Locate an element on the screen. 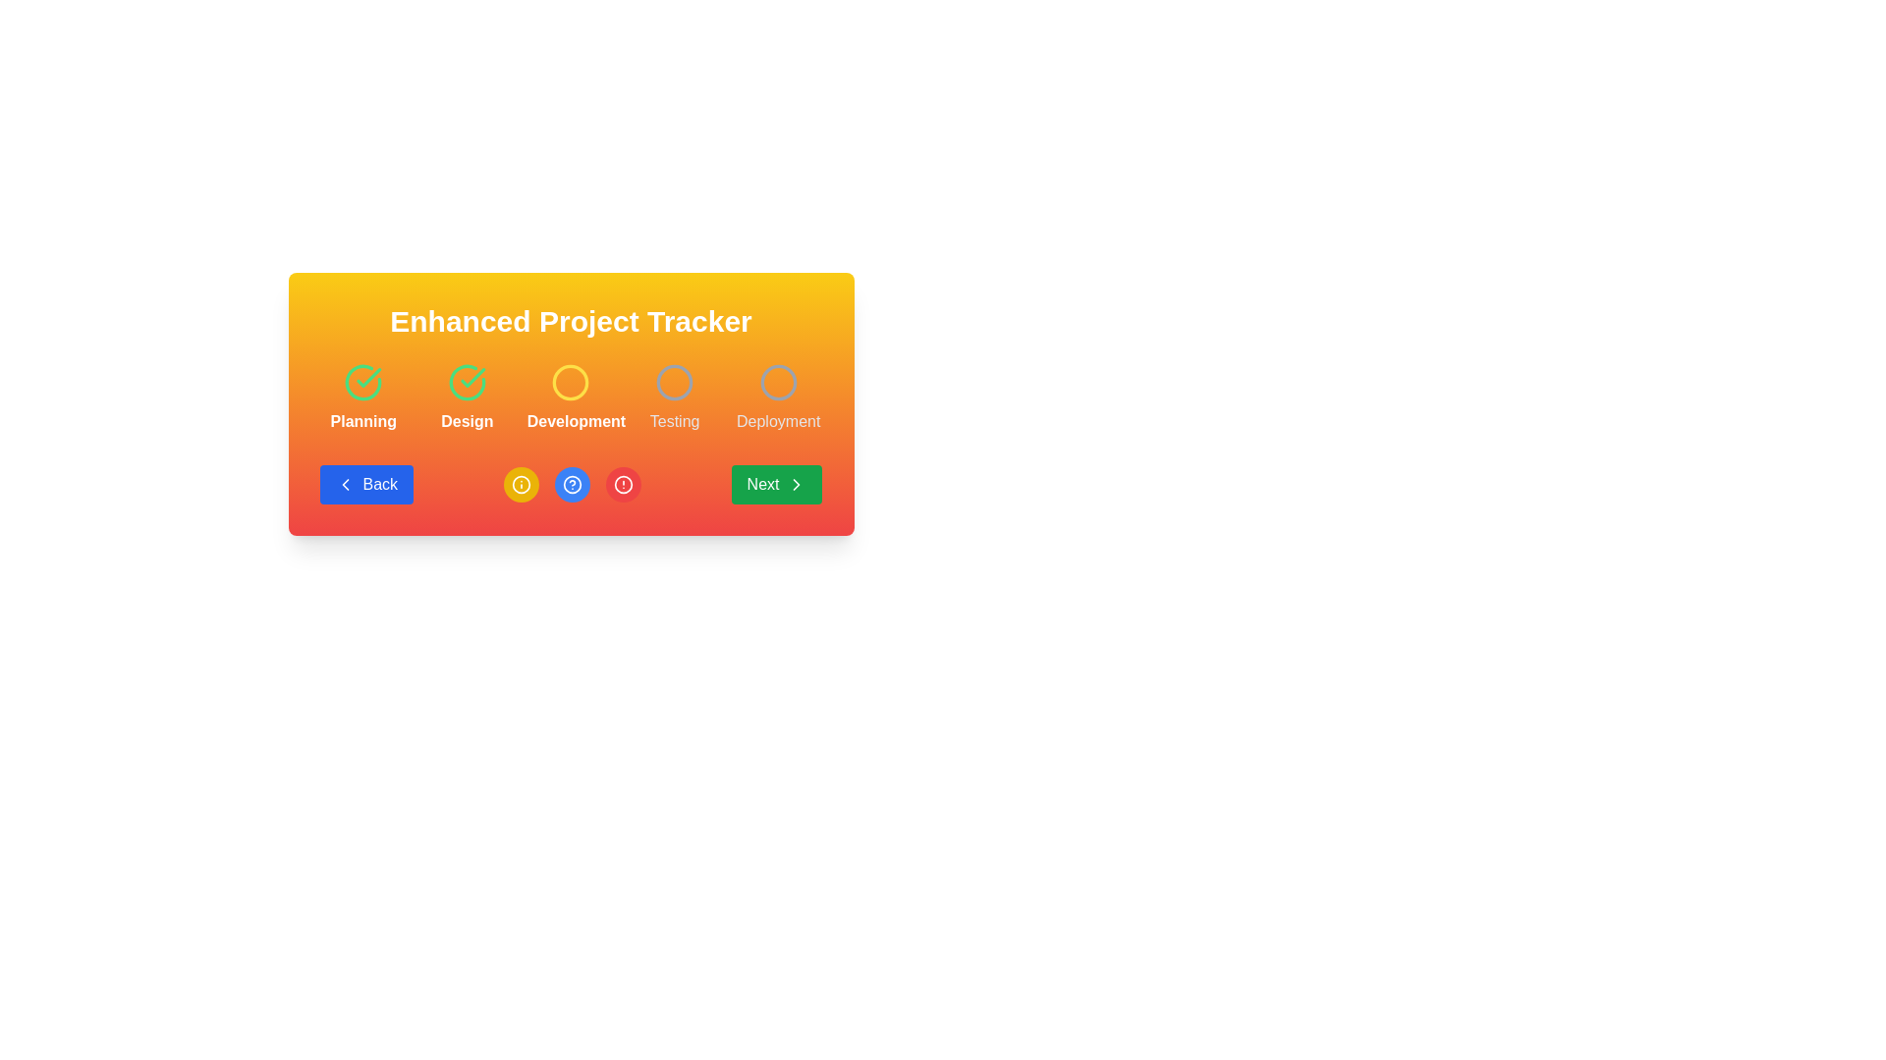 This screenshot has width=1886, height=1060. the circular gray icon representing the 'Deployment' step in the progress tracker, which is the fifth step in the sequence is located at coordinates (777, 397).